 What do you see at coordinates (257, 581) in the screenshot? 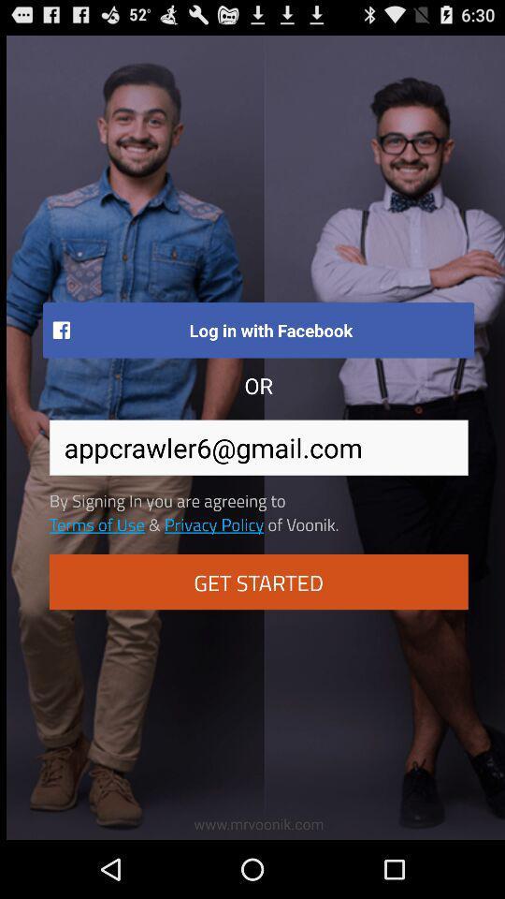
I see `icon below terms of use icon` at bounding box center [257, 581].